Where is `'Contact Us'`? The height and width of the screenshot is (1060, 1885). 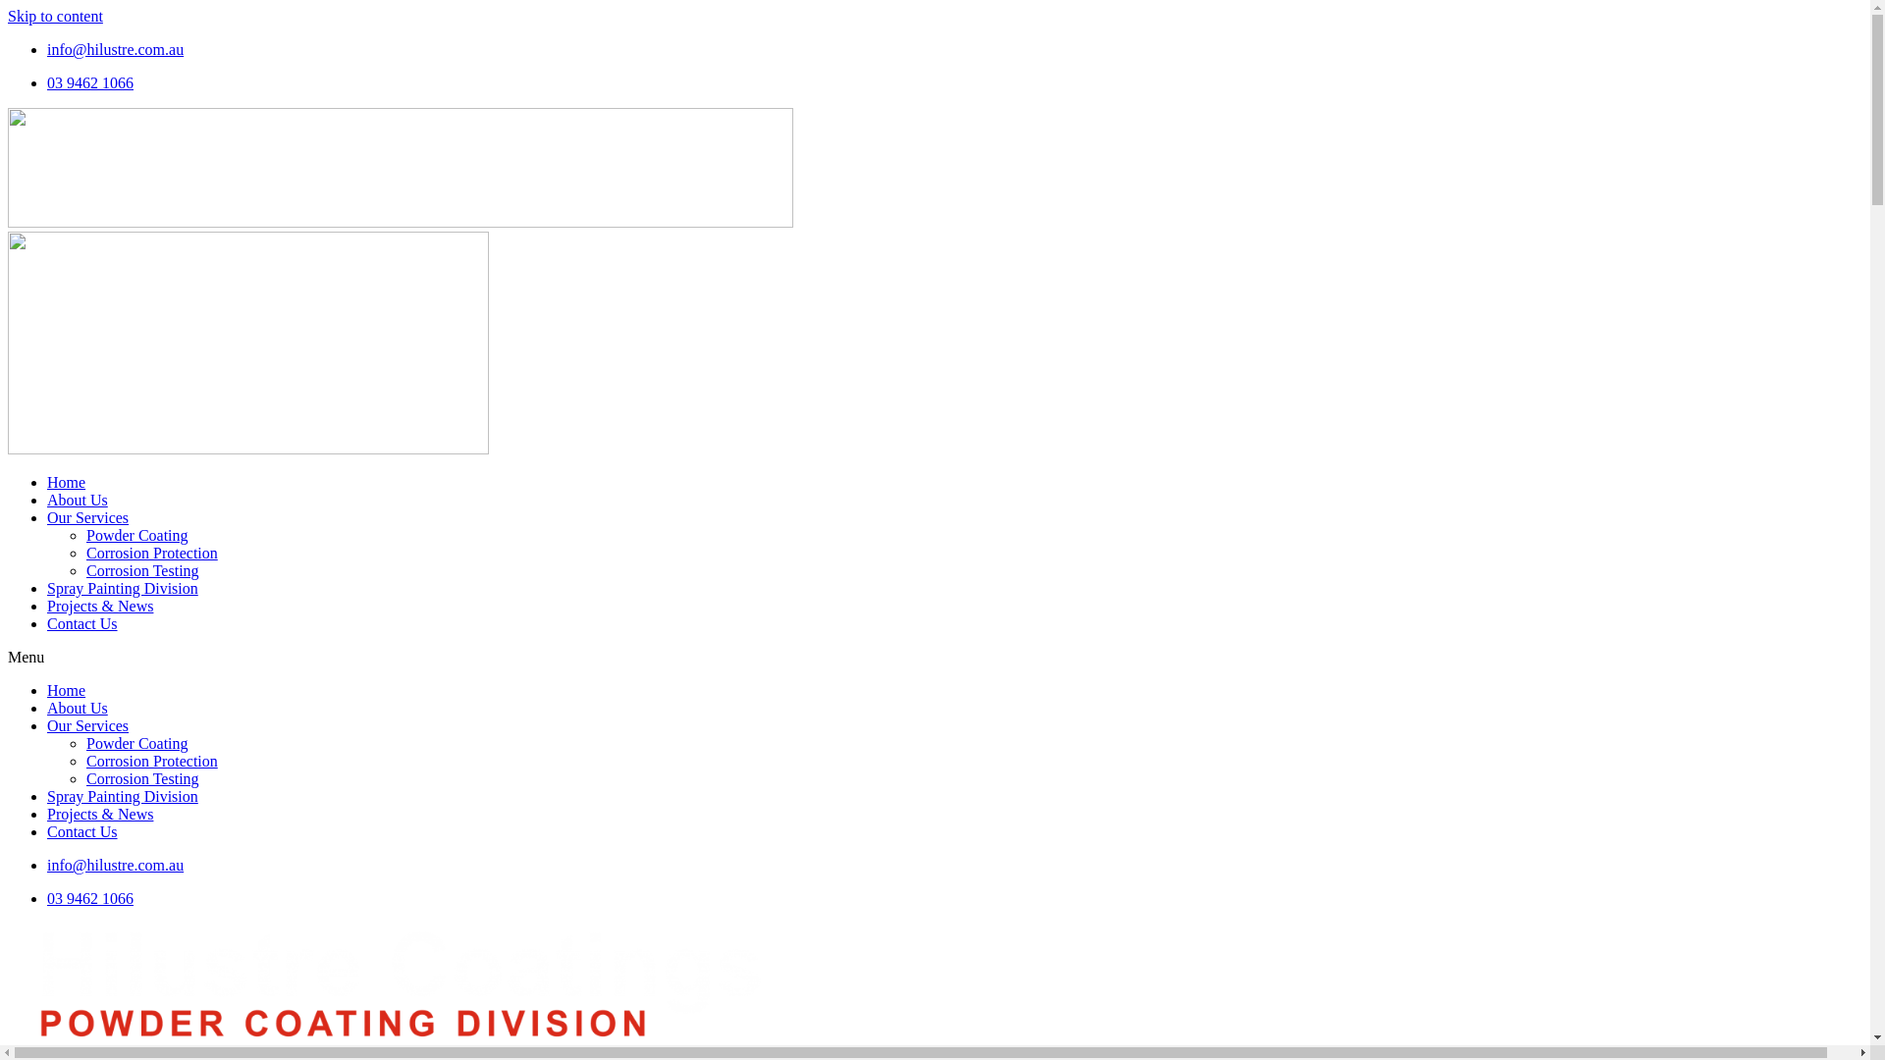
'Contact Us' is located at coordinates (81, 831).